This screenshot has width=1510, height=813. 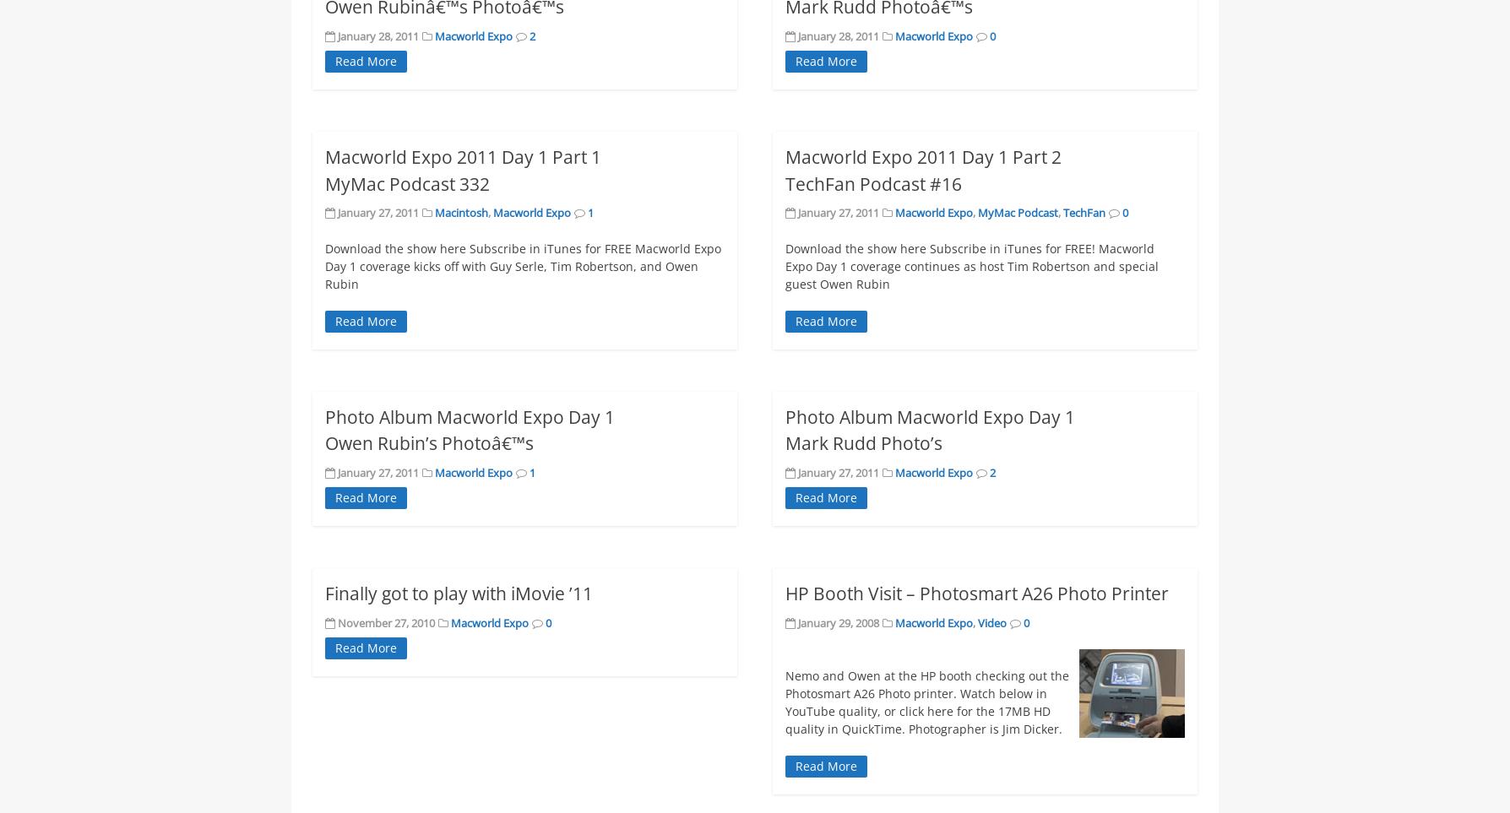 What do you see at coordinates (461, 213) in the screenshot?
I see `'Macintosh'` at bounding box center [461, 213].